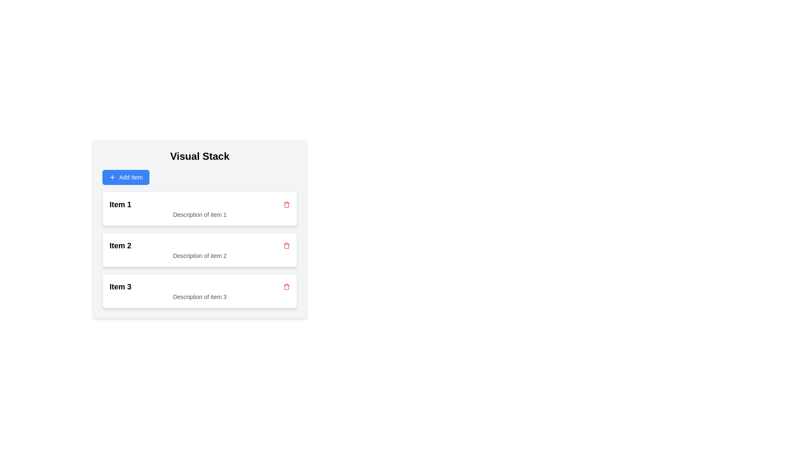 This screenshot has height=453, width=806. Describe the element at coordinates (286, 205) in the screenshot. I see `the small red trash can icon button associated with 'Item 1'` at that location.